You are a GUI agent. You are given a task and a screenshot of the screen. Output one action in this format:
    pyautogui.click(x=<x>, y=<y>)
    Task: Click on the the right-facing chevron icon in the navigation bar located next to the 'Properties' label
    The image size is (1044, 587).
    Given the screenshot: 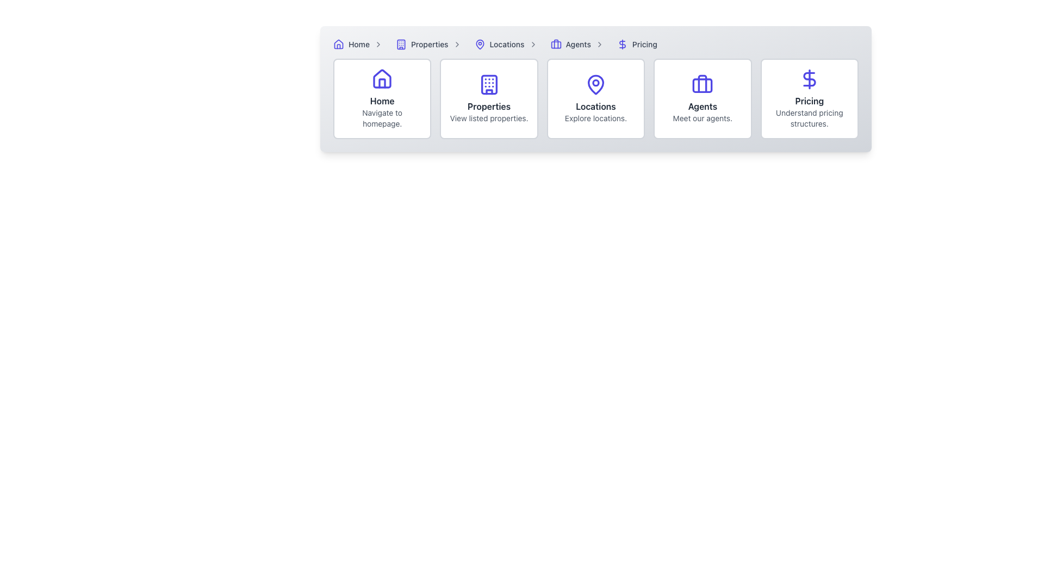 What is the action you would take?
    pyautogui.click(x=457, y=43)
    